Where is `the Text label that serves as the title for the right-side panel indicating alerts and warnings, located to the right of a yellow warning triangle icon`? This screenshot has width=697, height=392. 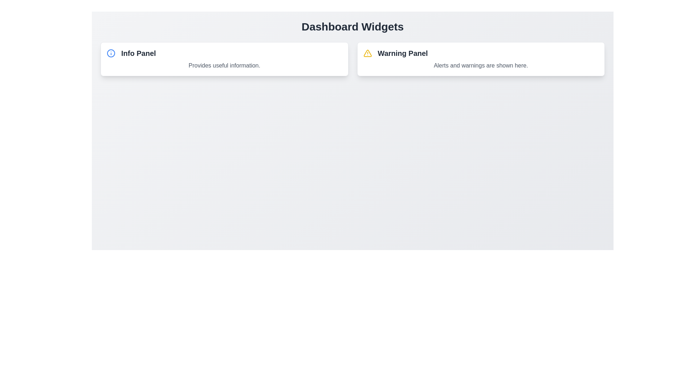
the Text label that serves as the title for the right-side panel indicating alerts and warnings, located to the right of a yellow warning triangle icon is located at coordinates (402, 53).